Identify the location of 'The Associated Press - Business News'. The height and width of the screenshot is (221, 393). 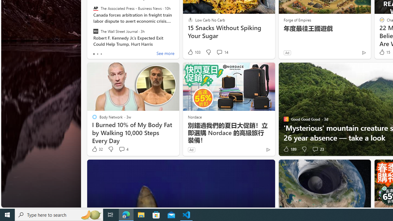
(95, 8).